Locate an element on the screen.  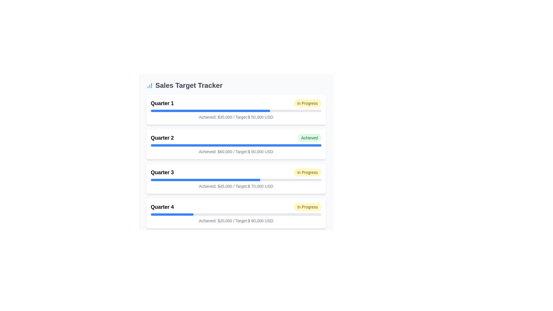
text content of the small gray Text Label displaying 'Achieved: $60,000 / Target: $60,000 USD' located at the bottom of the 'Quarter 2' section is located at coordinates (236, 151).